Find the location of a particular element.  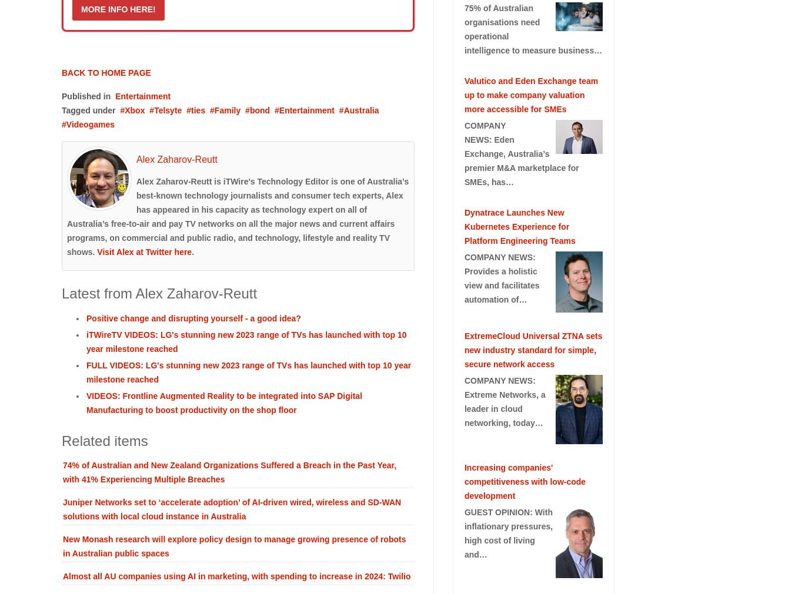

'FULL VIDEOS: LG's stunning new 2023 range of TVs has launched with top 10 year milestone reached' is located at coordinates (248, 371).